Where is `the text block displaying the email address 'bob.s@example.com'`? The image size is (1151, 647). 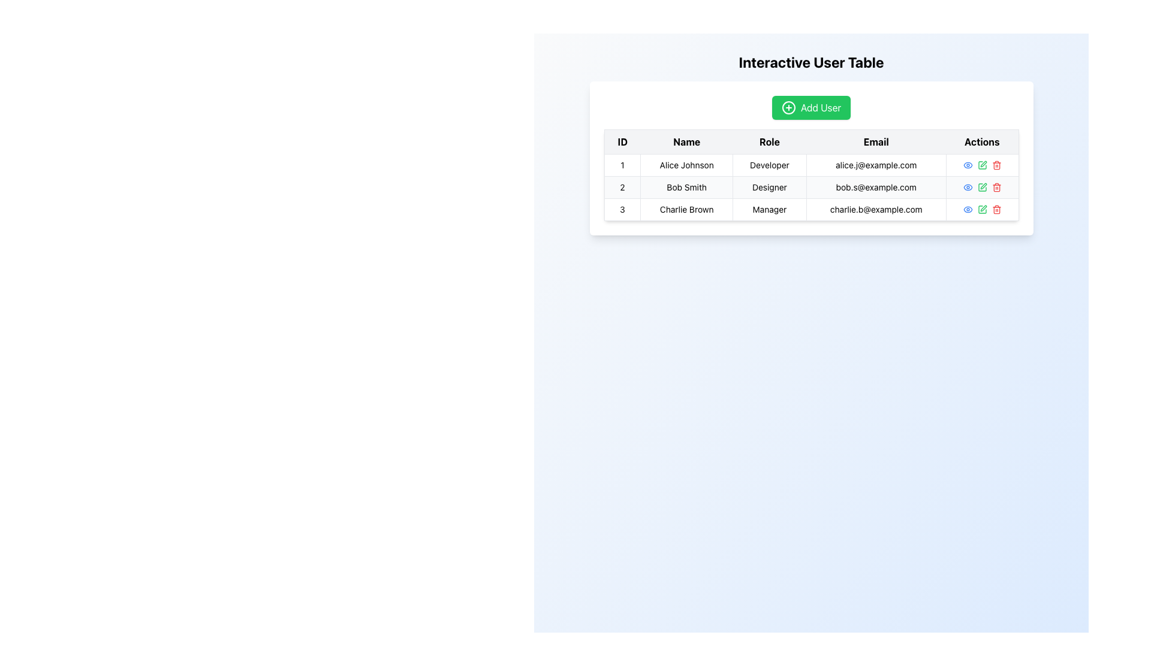 the text block displaying the email address 'bob.s@example.com' is located at coordinates (876, 187).